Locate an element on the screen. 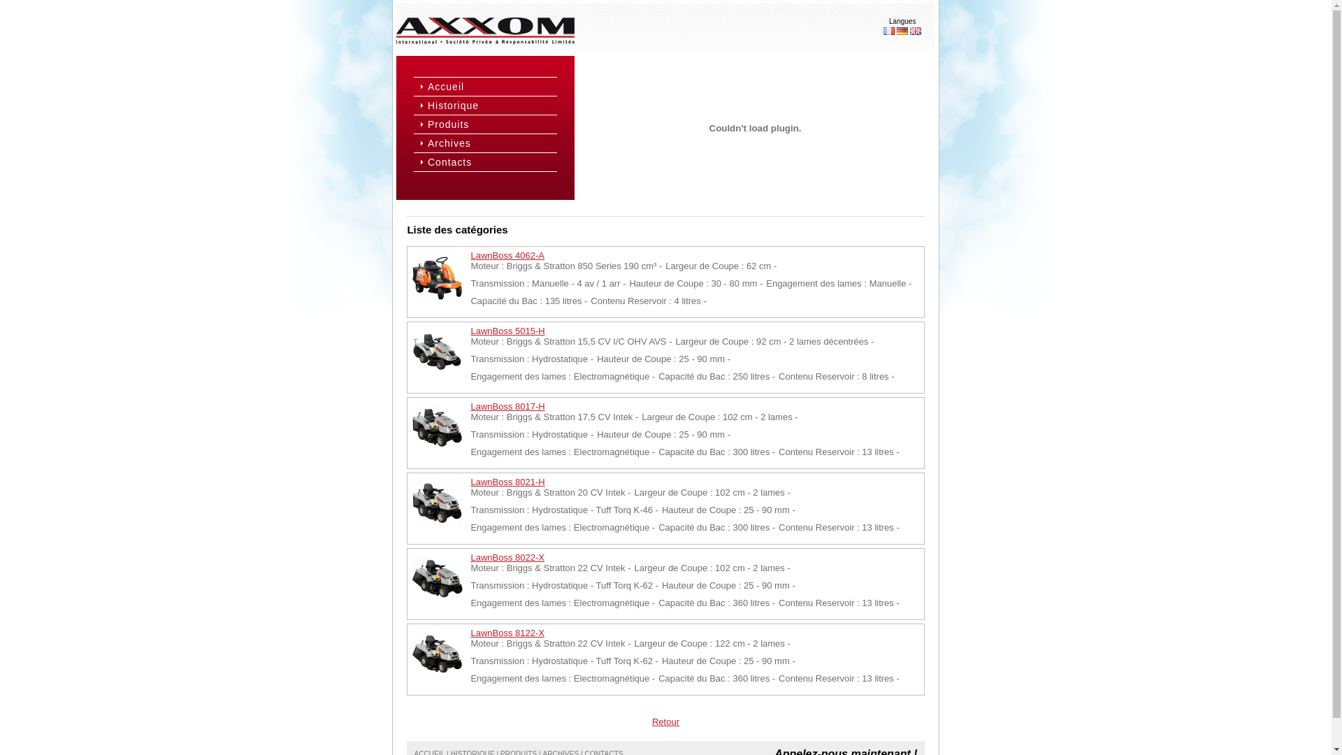 Image resolution: width=1342 pixels, height=755 pixels. 'LawnBoss 8017-H' is located at coordinates (506, 406).